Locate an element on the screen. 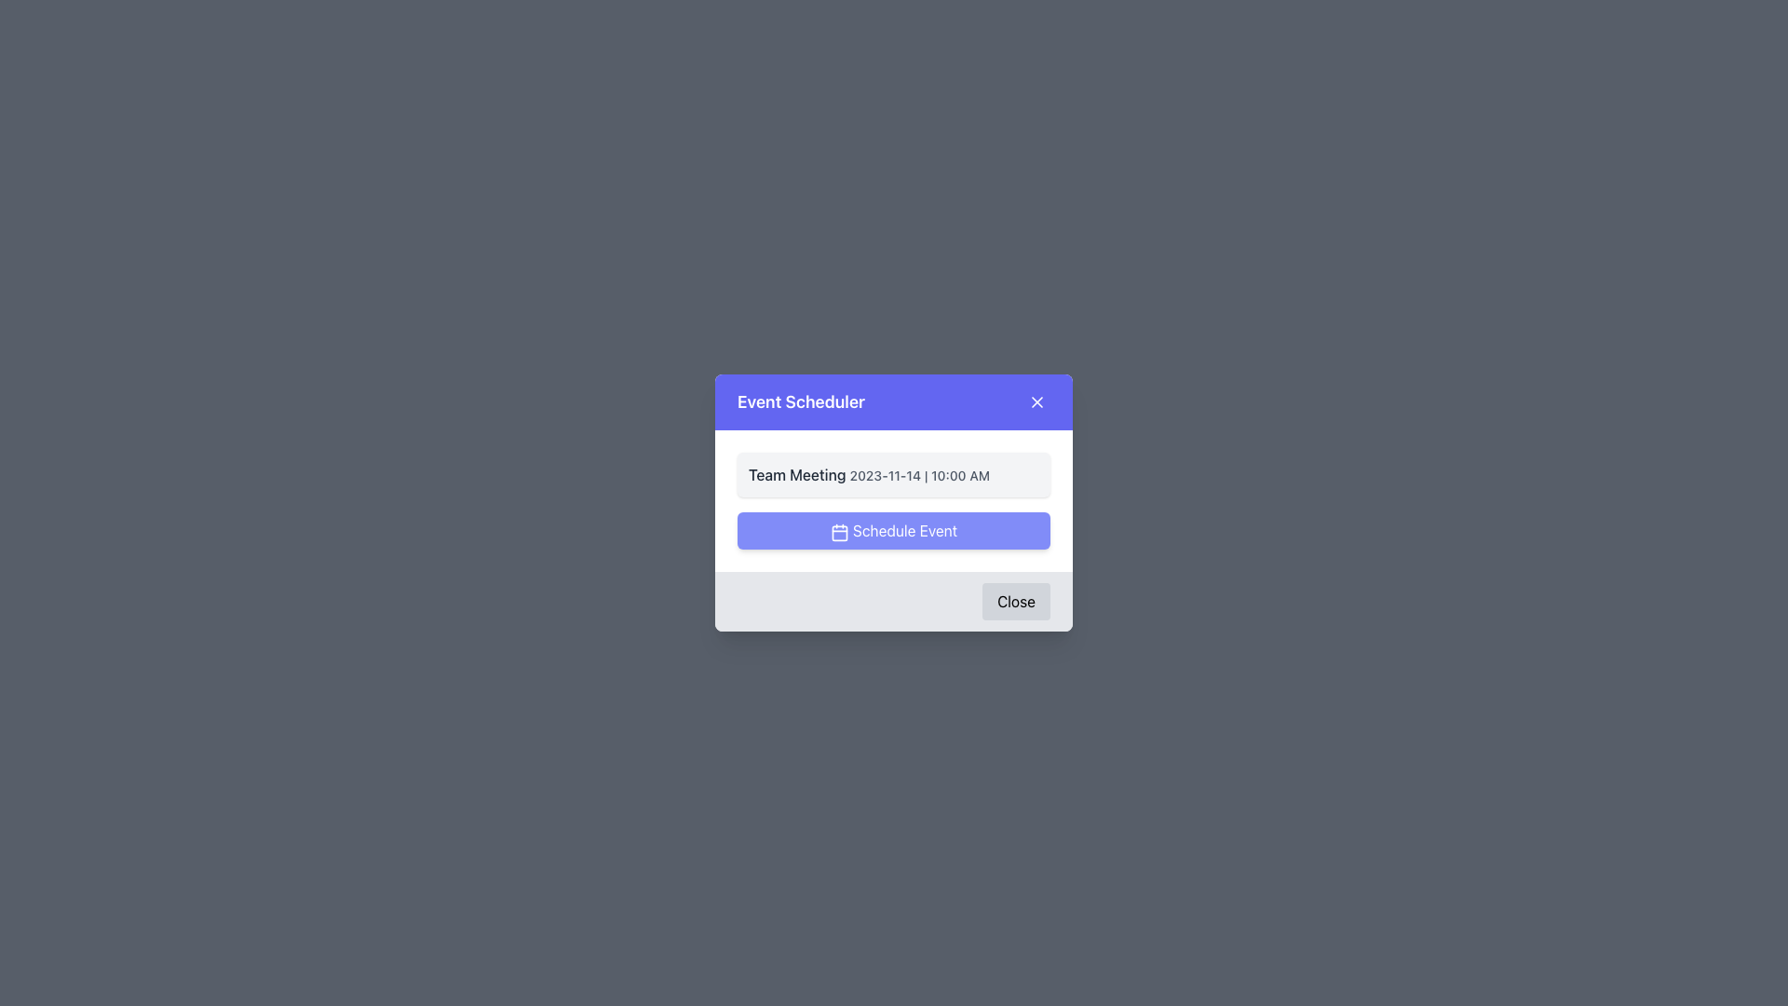 The image size is (1788, 1006). the text label that serves as the title of the dialog box related to event scheduling, positioned in the header area with a purple background is located at coordinates (801, 401).